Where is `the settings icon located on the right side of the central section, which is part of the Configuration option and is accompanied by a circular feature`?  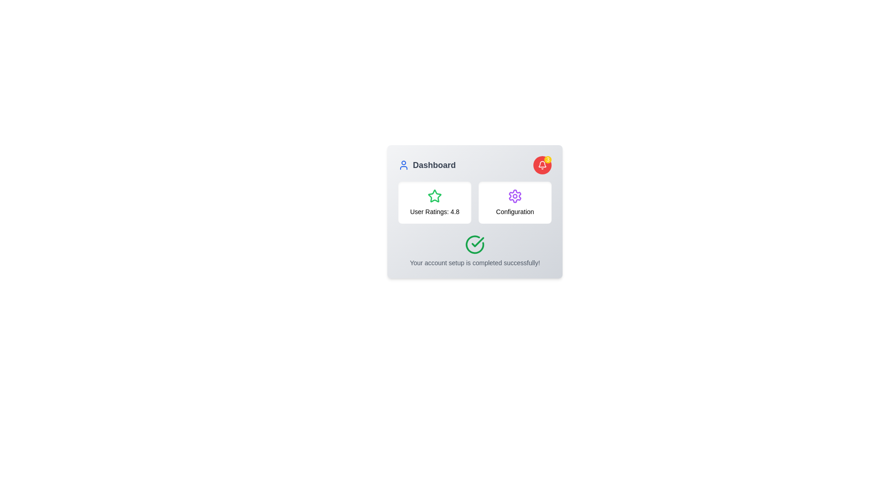 the settings icon located on the right side of the central section, which is part of the Configuration option and is accompanied by a circular feature is located at coordinates (515, 195).